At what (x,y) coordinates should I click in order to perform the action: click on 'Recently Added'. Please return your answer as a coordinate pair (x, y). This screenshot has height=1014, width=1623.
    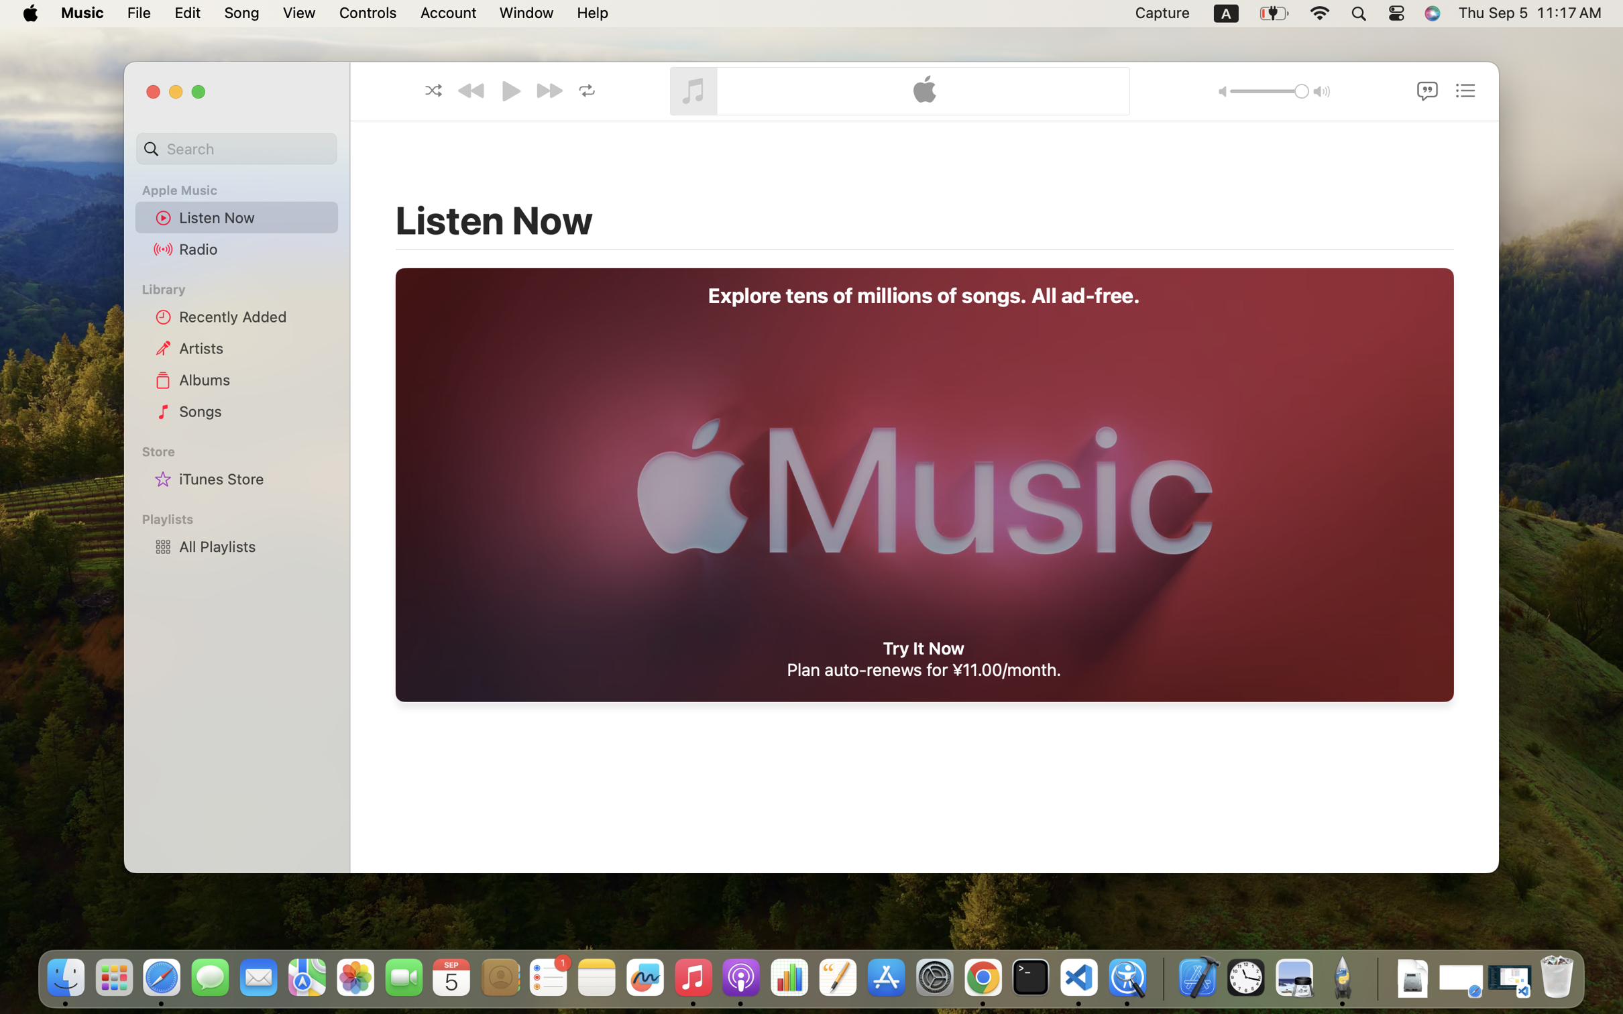
    Looking at the image, I should click on (254, 315).